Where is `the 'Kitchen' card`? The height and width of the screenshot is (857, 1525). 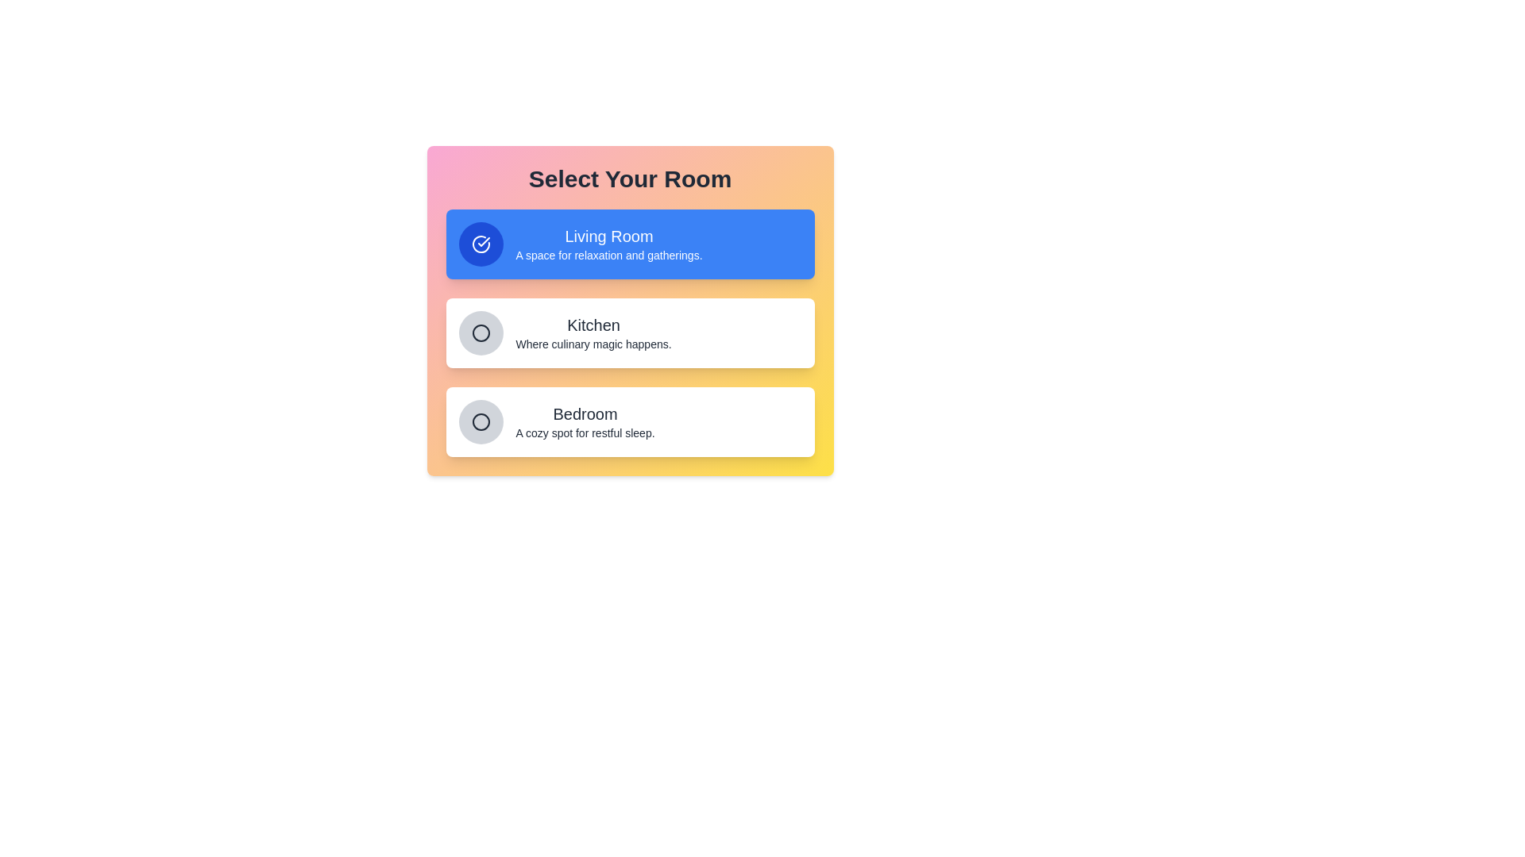 the 'Kitchen' card is located at coordinates (629, 332).